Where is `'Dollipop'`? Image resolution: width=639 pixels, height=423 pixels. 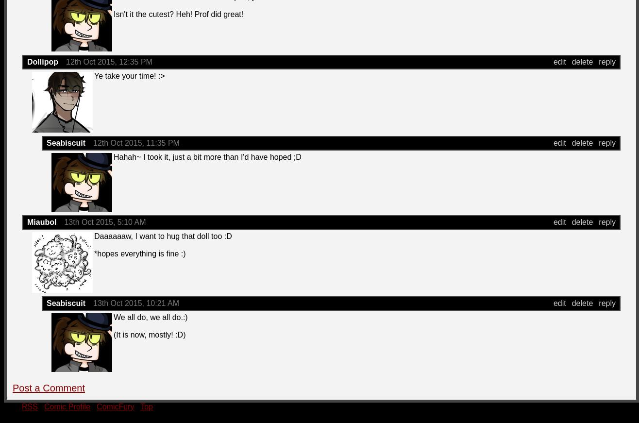 'Dollipop' is located at coordinates (42, 61).